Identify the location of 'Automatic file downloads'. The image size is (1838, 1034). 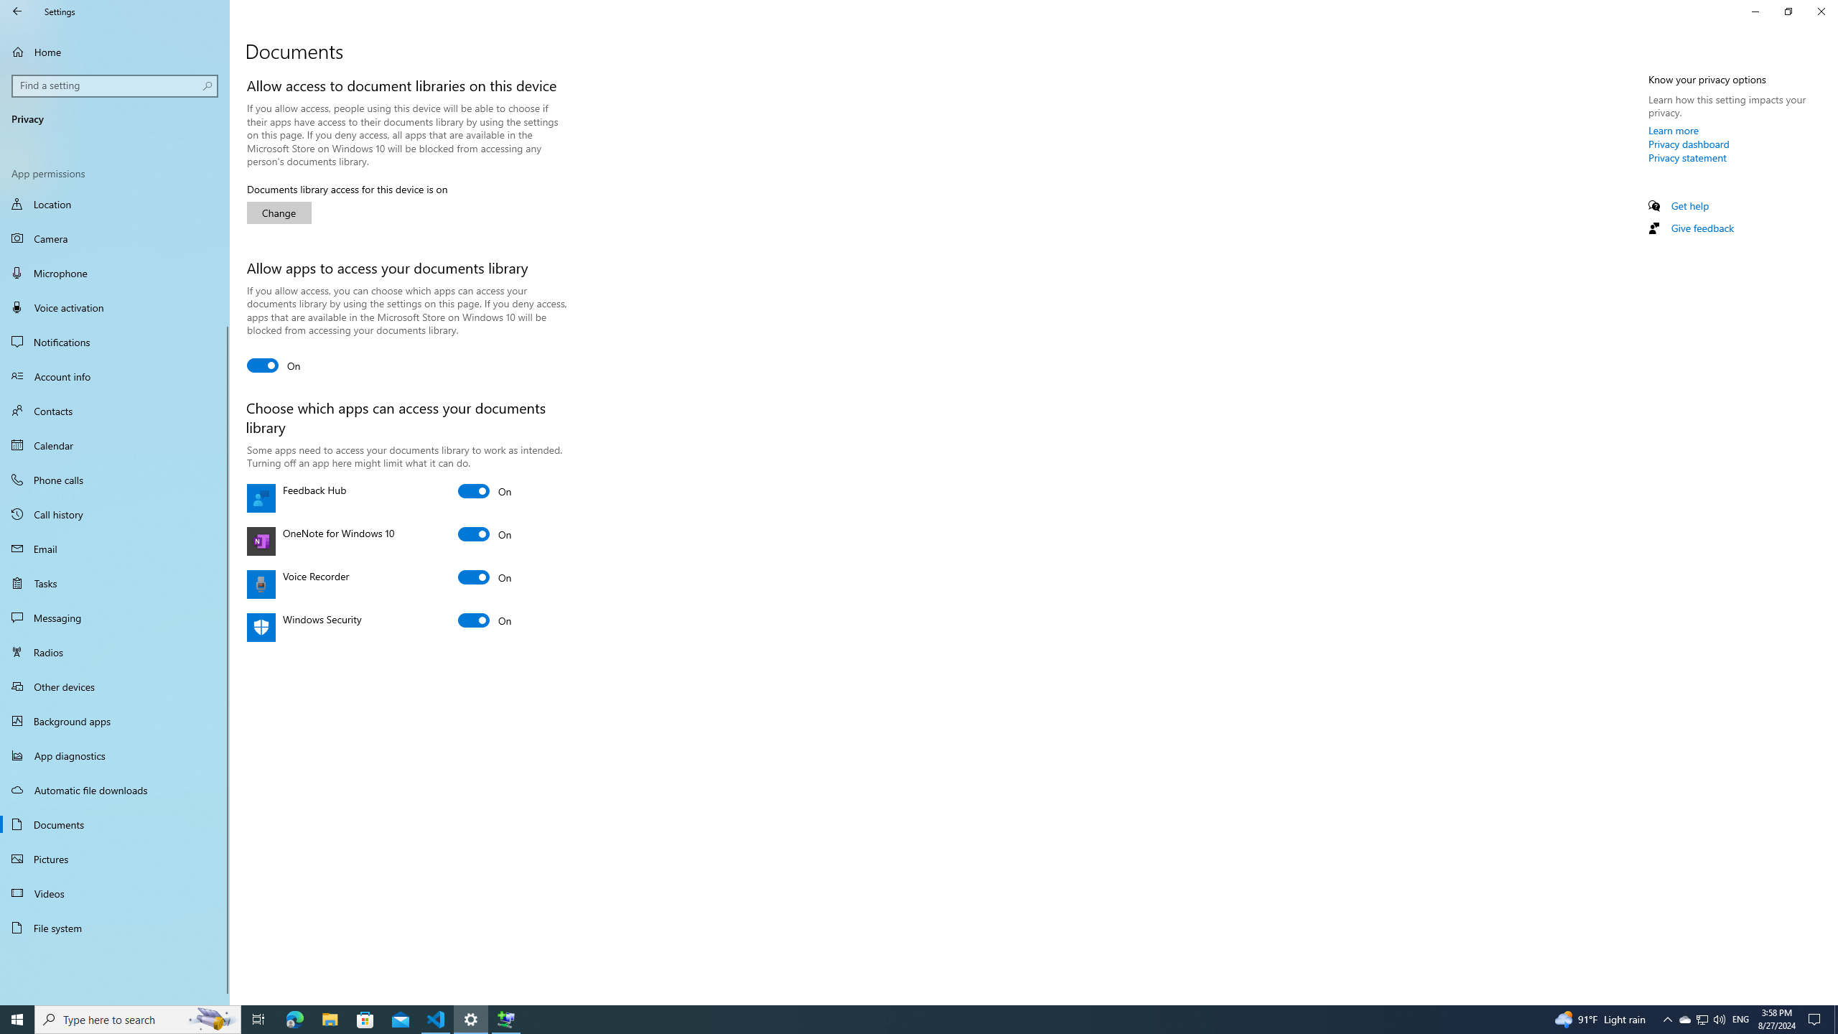
(114, 789).